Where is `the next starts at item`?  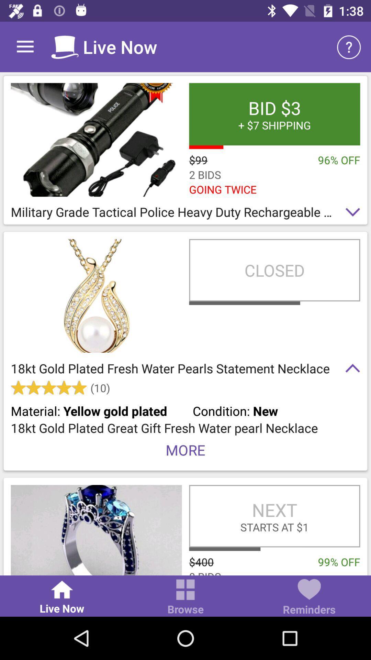 the next starts at item is located at coordinates (274, 516).